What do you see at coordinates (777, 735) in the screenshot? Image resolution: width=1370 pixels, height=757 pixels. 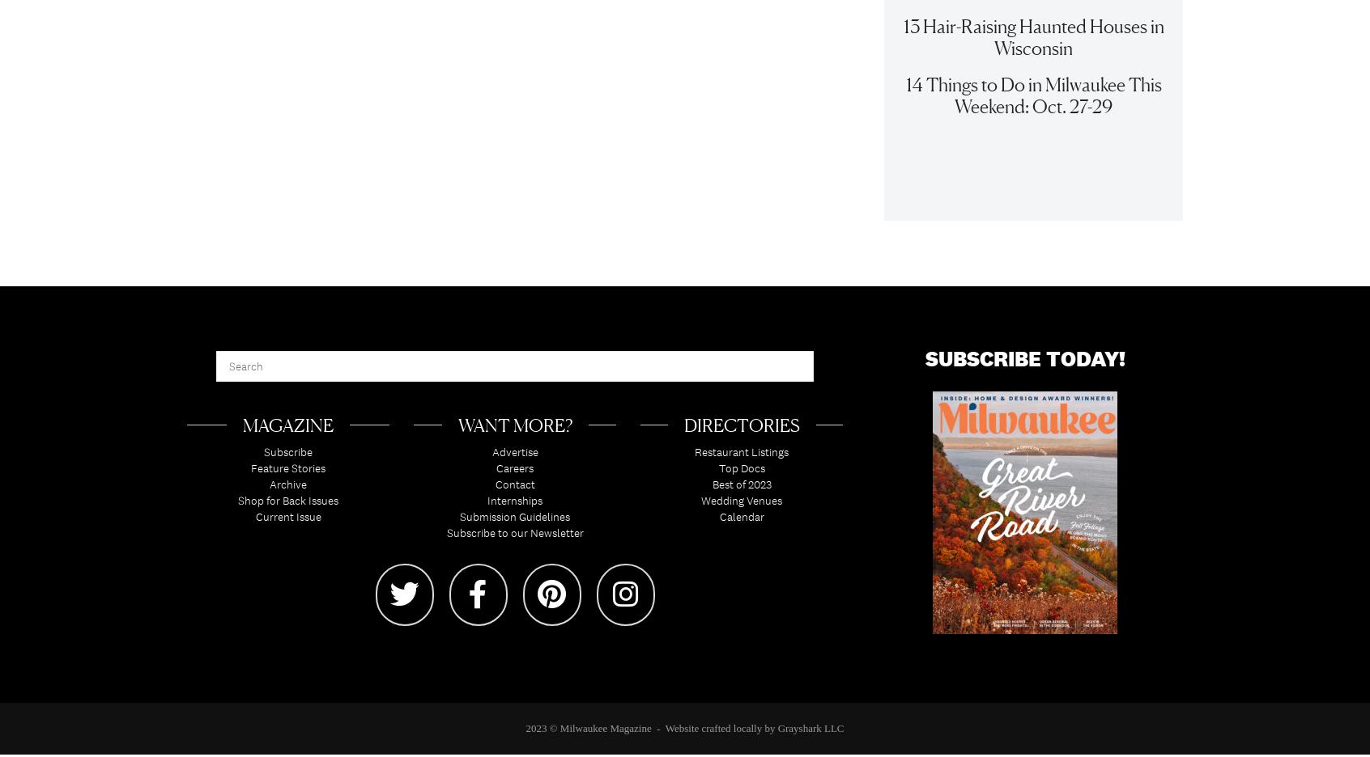 I see `'Grayshark LLC'` at bounding box center [777, 735].